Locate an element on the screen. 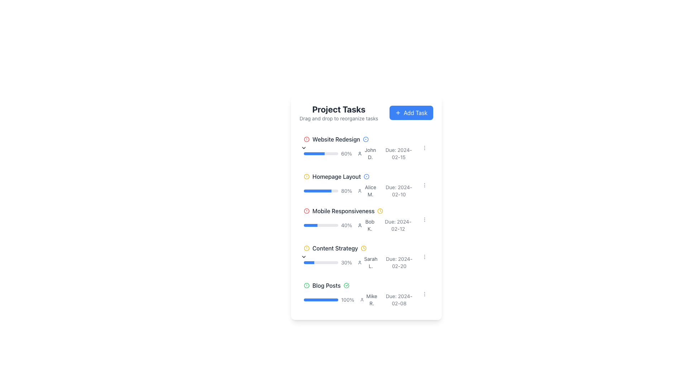  the name 'Alice M.' displayed in the Text Label indicating the task assignee for 'Homepage Layout' task is located at coordinates (371, 190).